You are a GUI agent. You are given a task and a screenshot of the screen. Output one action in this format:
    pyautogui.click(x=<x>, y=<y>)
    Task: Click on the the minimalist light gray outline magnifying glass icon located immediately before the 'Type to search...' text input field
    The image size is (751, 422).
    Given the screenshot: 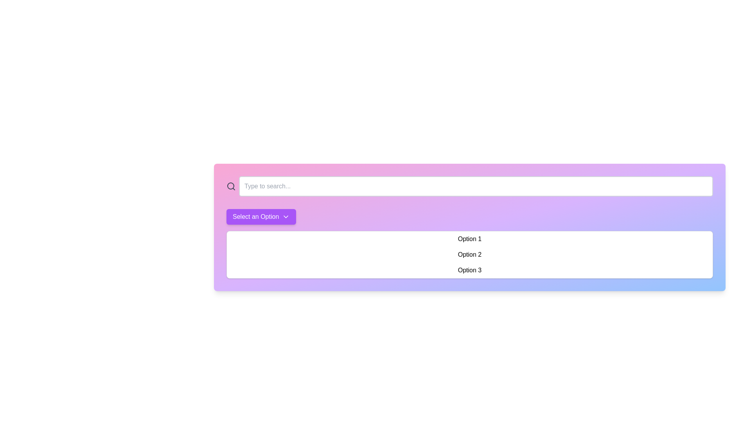 What is the action you would take?
    pyautogui.click(x=230, y=186)
    